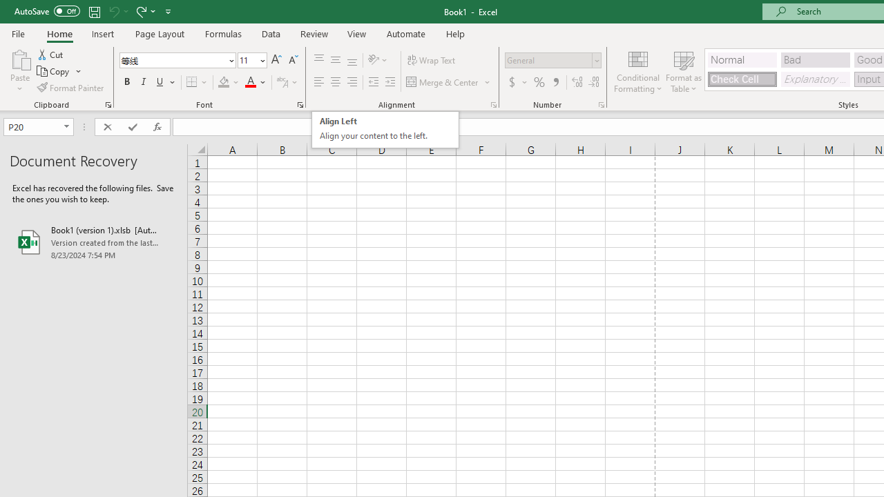 The height and width of the screenshot is (497, 884). What do you see at coordinates (250, 82) in the screenshot?
I see `'Font Color RGB(255, 0, 0)'` at bounding box center [250, 82].